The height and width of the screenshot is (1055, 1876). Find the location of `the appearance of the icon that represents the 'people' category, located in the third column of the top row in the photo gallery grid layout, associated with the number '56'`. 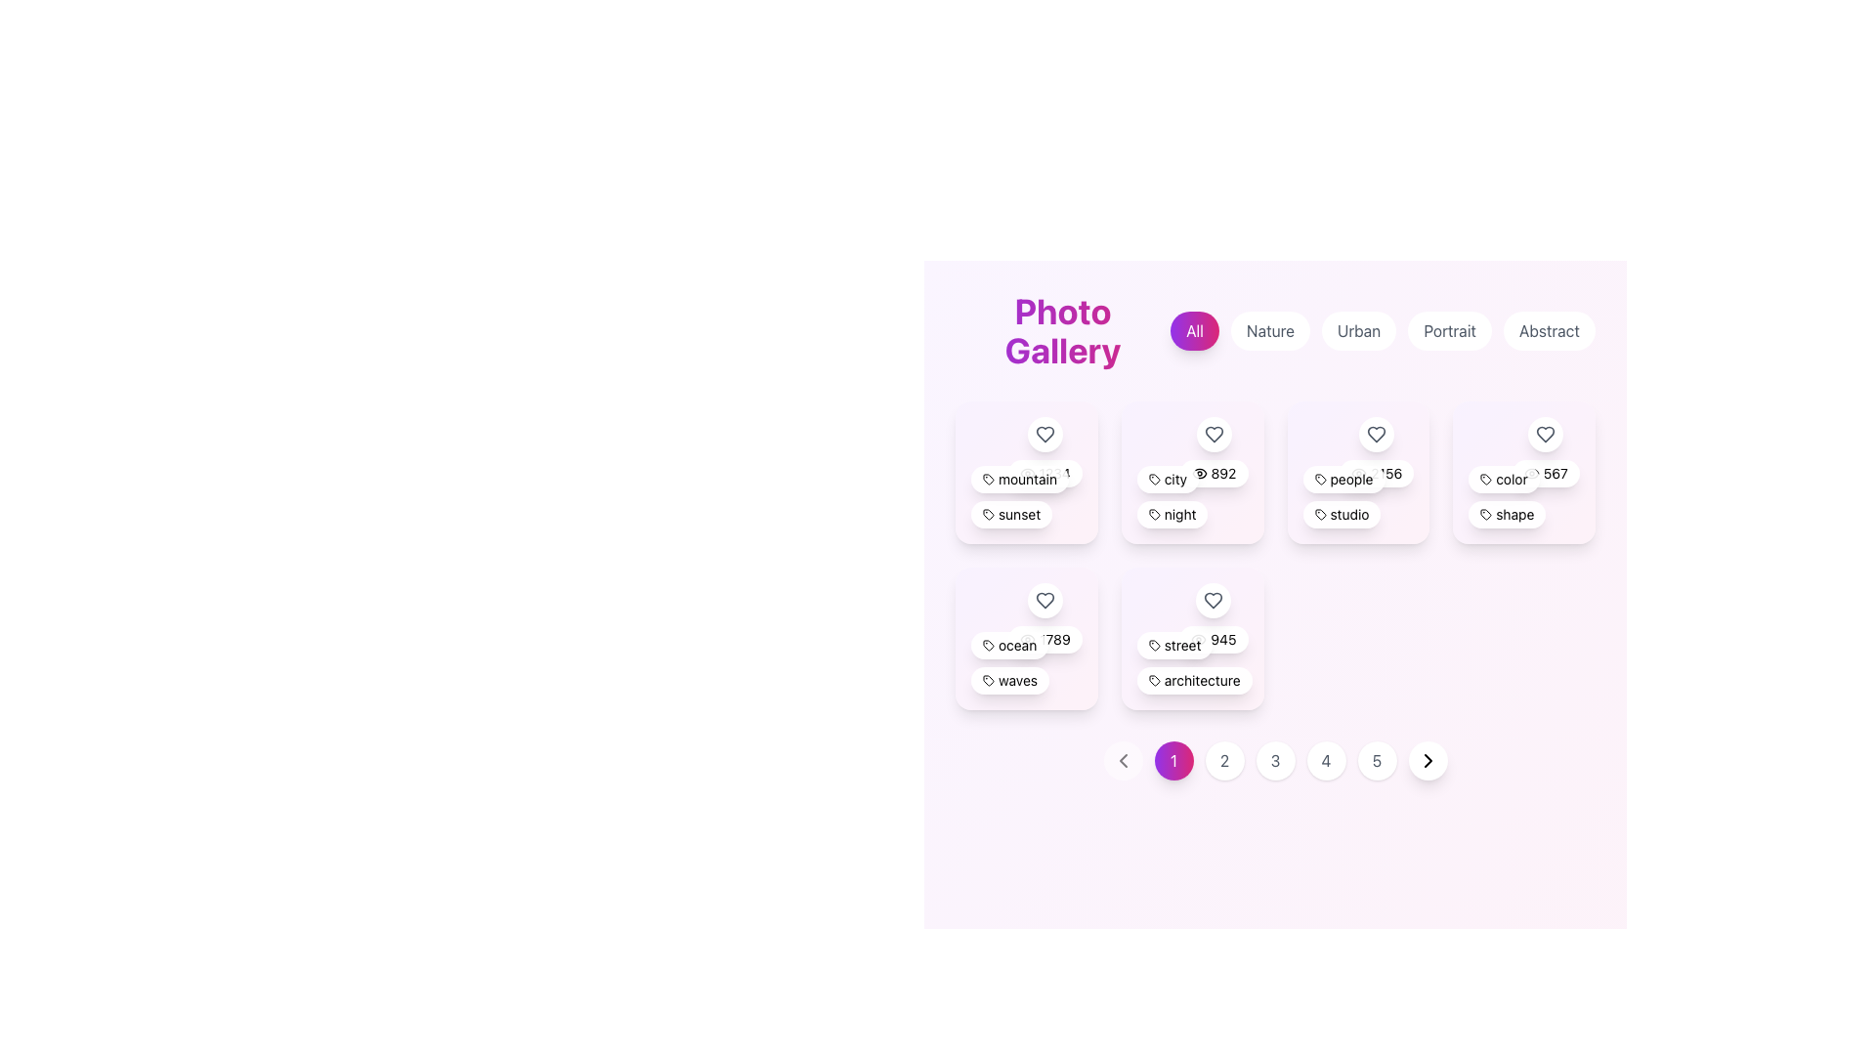

the appearance of the icon that represents the 'people' category, located in the third column of the top row in the photo gallery grid layout, associated with the number '56' is located at coordinates (1320, 513).